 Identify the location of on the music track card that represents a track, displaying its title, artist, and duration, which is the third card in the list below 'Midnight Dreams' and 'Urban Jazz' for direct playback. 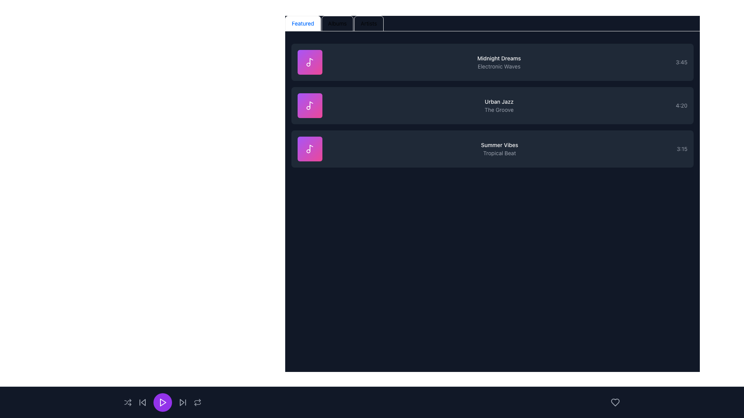
(492, 149).